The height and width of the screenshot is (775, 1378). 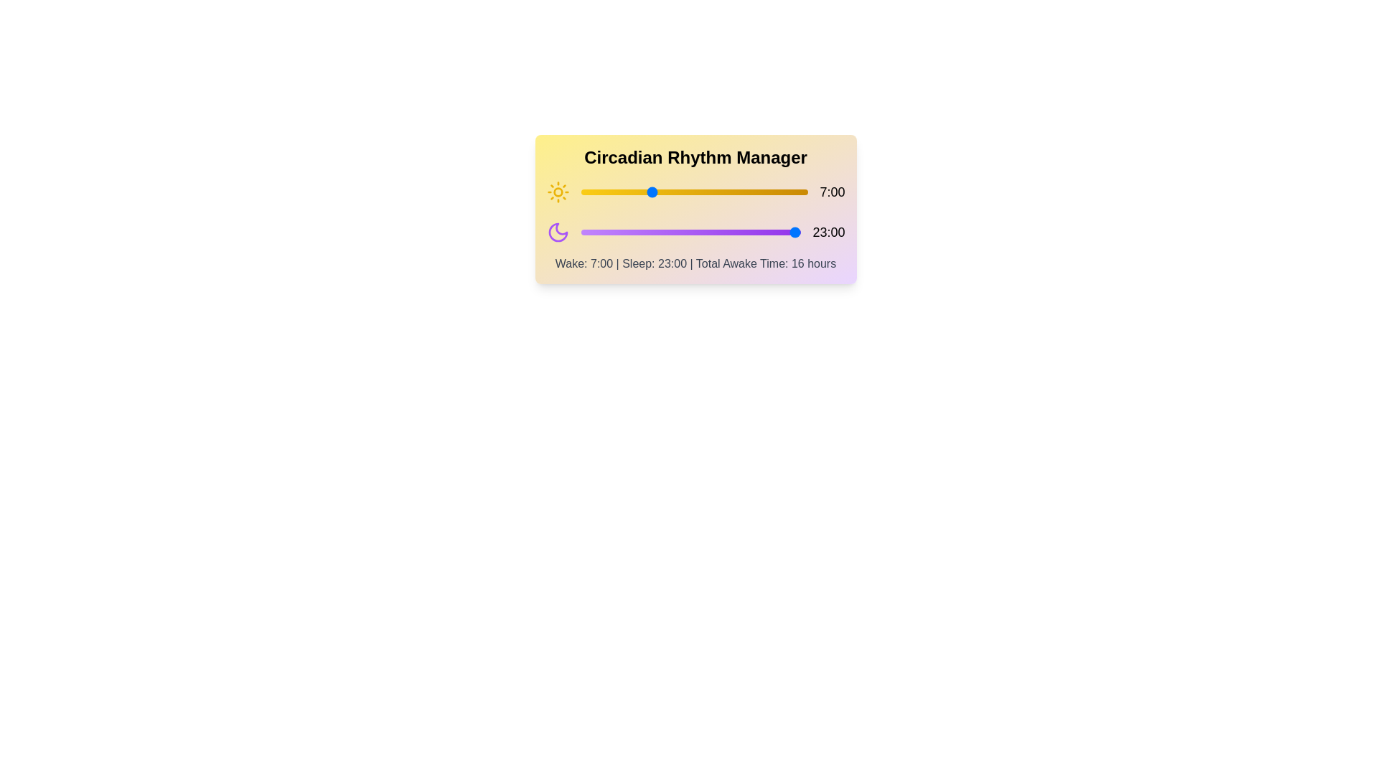 I want to click on the sleep hour slider to 21, so click(x=781, y=232).